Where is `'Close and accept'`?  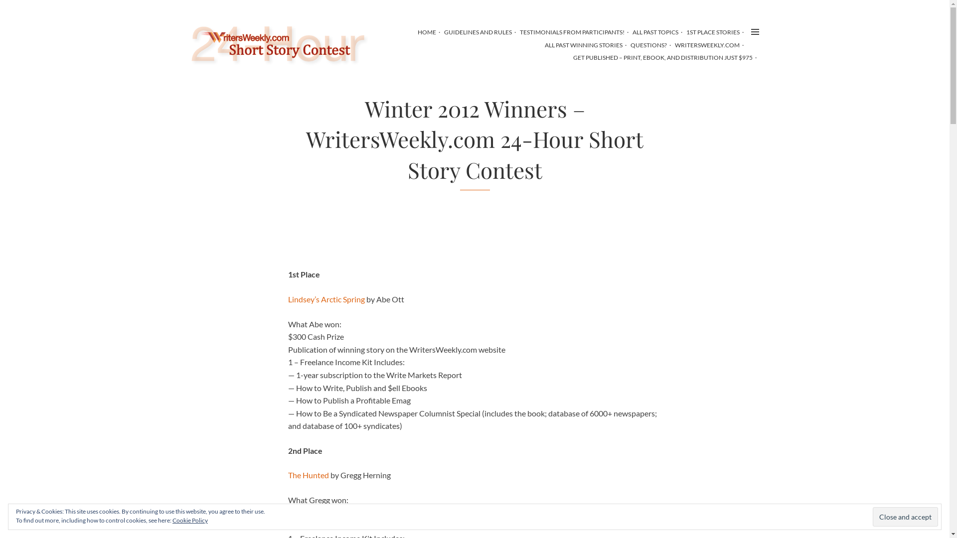
'Close and accept' is located at coordinates (872, 516).